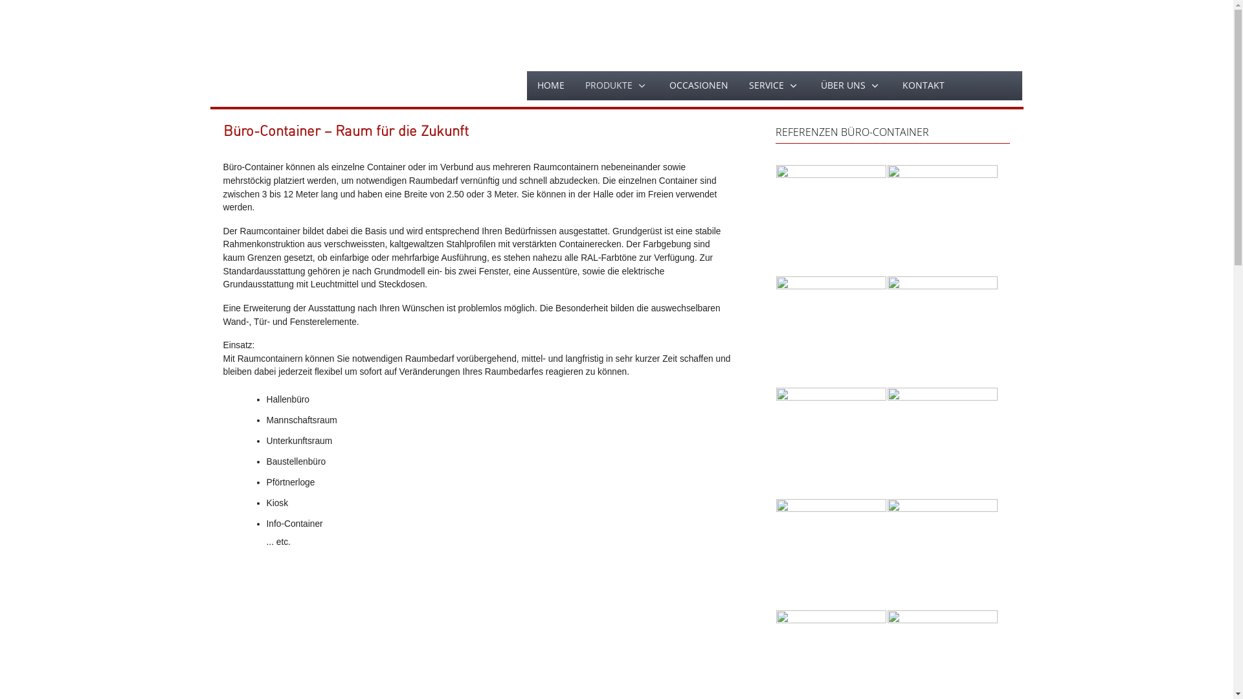 The height and width of the screenshot is (699, 1243). I want to click on 'SERVICE', so click(774, 85).